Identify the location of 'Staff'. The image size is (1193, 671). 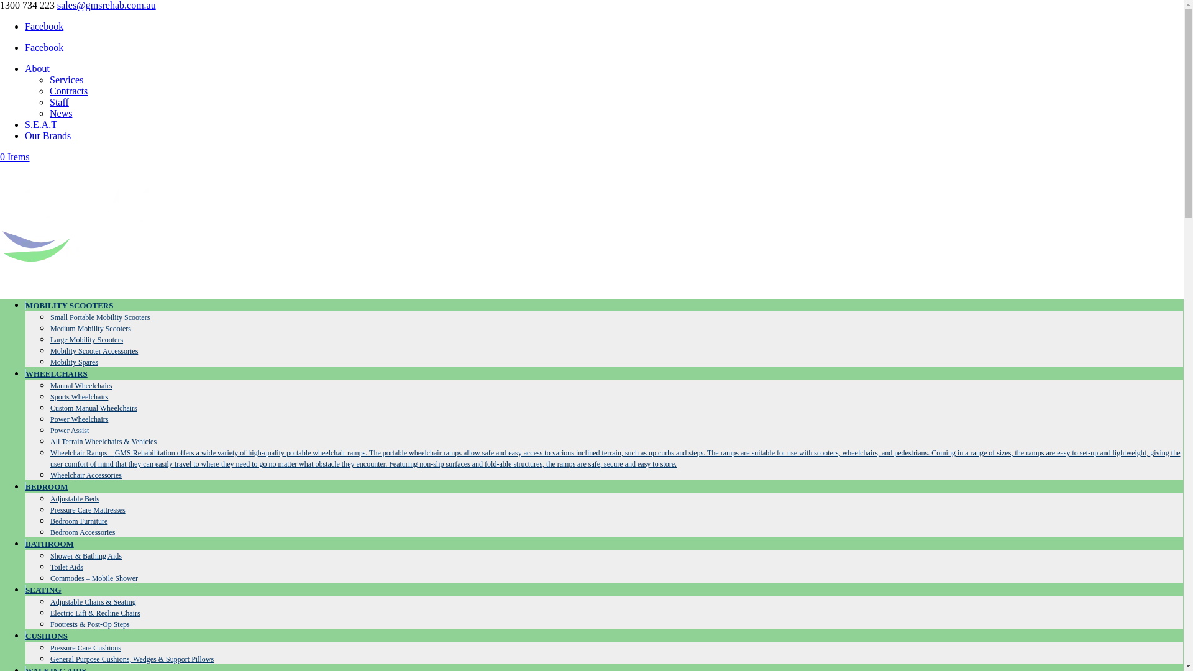
(58, 101).